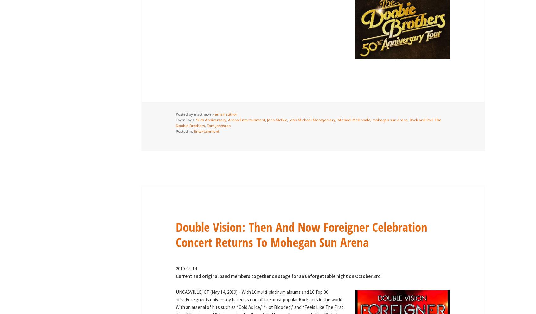 This screenshot has height=314, width=536. I want to click on 'The Doobie Brothers', so click(308, 122).